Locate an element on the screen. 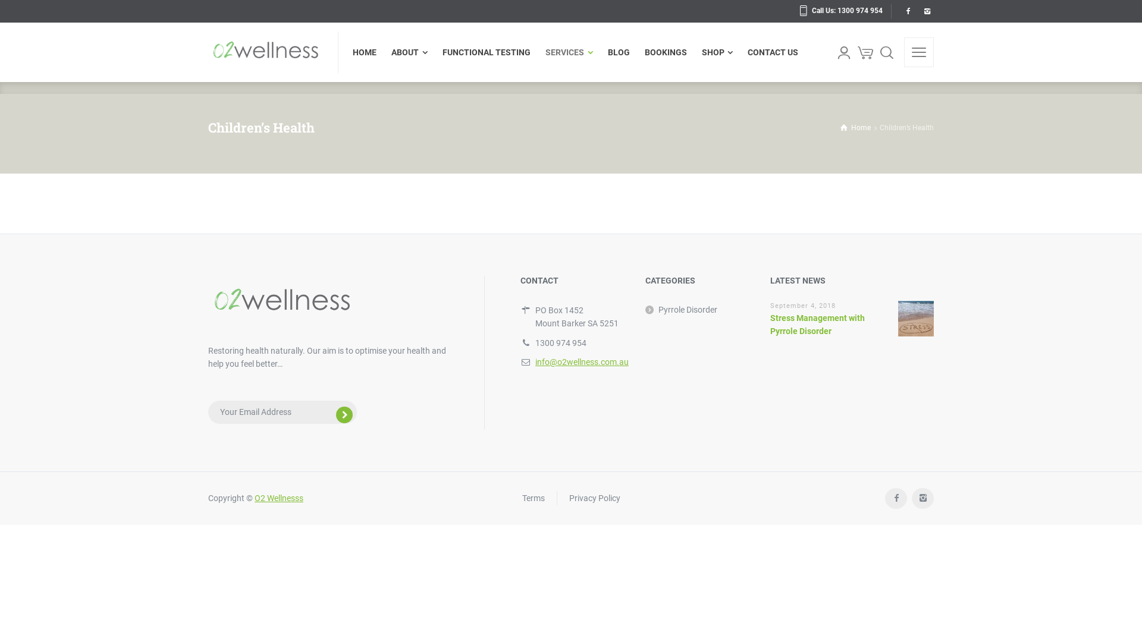 The image size is (1142, 642). 'CONTACT US' is located at coordinates (769, 52).